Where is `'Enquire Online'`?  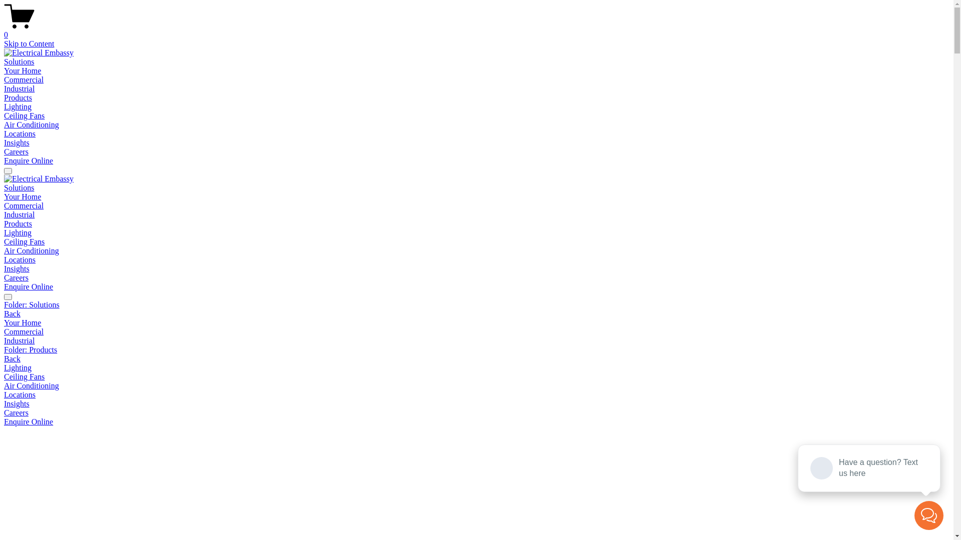 'Enquire Online' is located at coordinates (29, 160).